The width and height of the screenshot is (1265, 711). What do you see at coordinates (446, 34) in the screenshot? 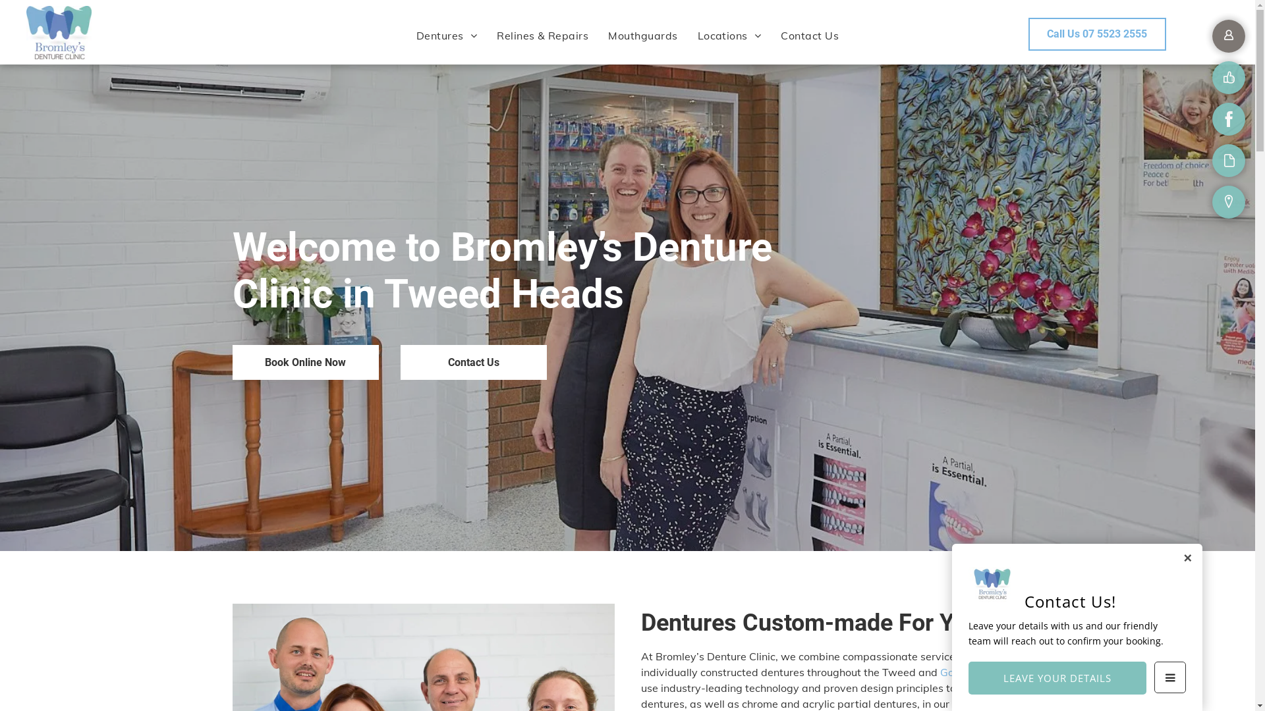
I see `'Dentures'` at bounding box center [446, 34].